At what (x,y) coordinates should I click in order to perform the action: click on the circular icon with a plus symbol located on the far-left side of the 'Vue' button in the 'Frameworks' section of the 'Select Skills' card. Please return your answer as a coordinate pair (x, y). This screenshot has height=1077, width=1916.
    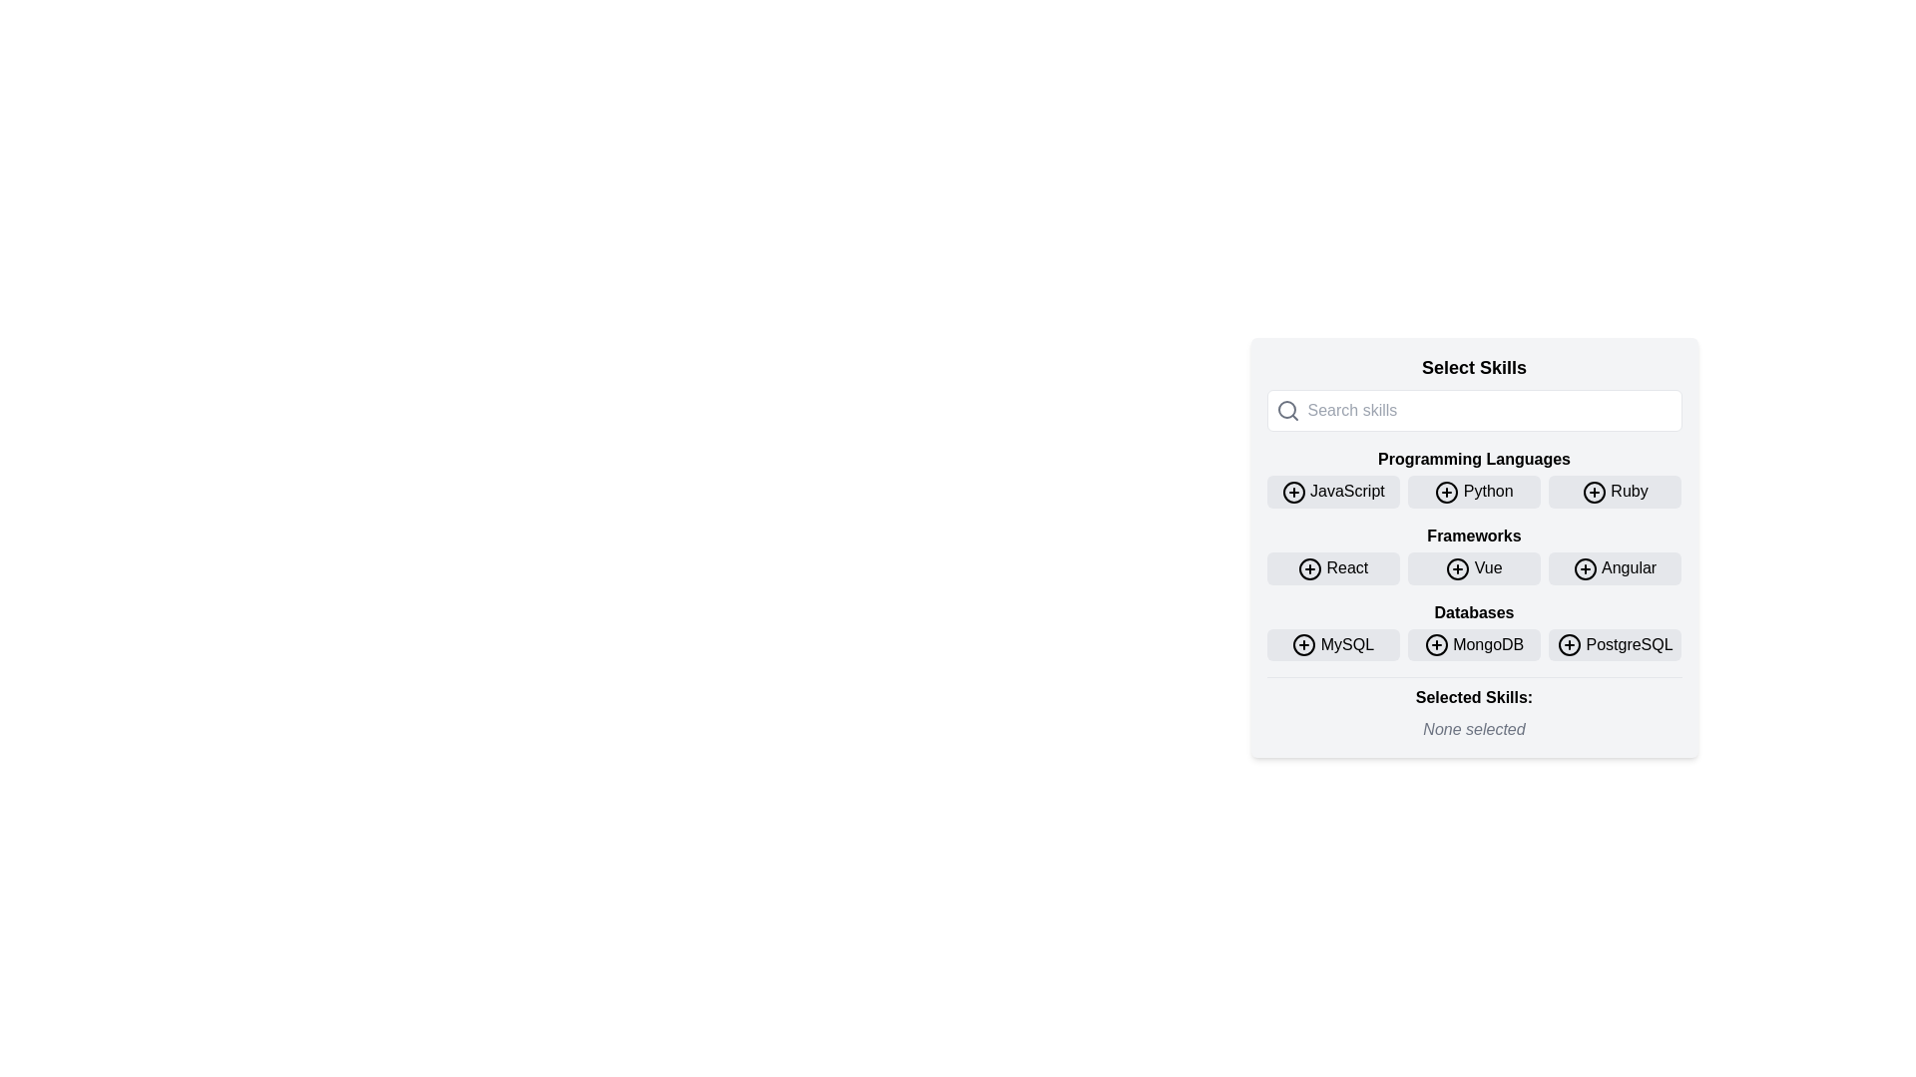
    Looking at the image, I should click on (1458, 568).